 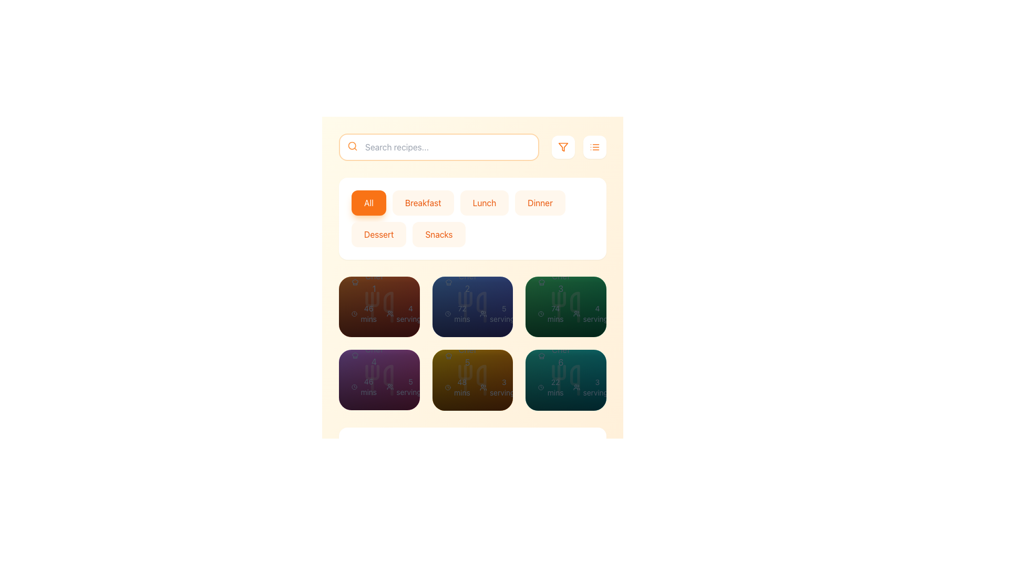 What do you see at coordinates (595, 147) in the screenshot?
I see `the toggle button located in the top-right section of the interface, which features a list-like icon` at bounding box center [595, 147].